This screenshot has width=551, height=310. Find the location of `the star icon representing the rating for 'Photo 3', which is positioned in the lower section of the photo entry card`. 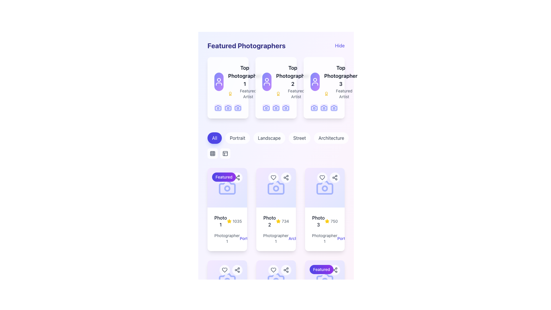

the star icon representing the rating for 'Photo 3', which is positioned in the lower section of the photo entry card is located at coordinates (327, 221).